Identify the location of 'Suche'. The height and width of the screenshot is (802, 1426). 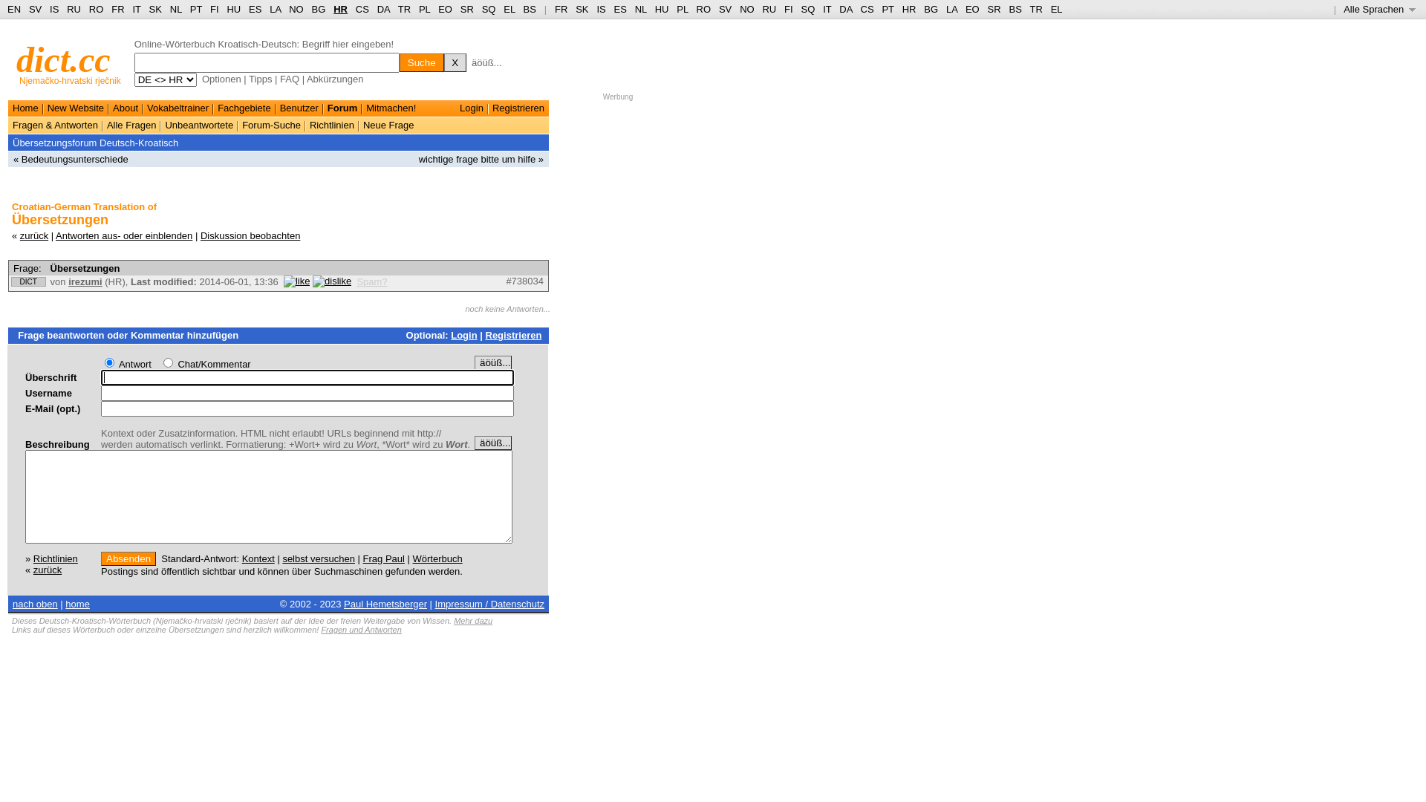
(420, 62).